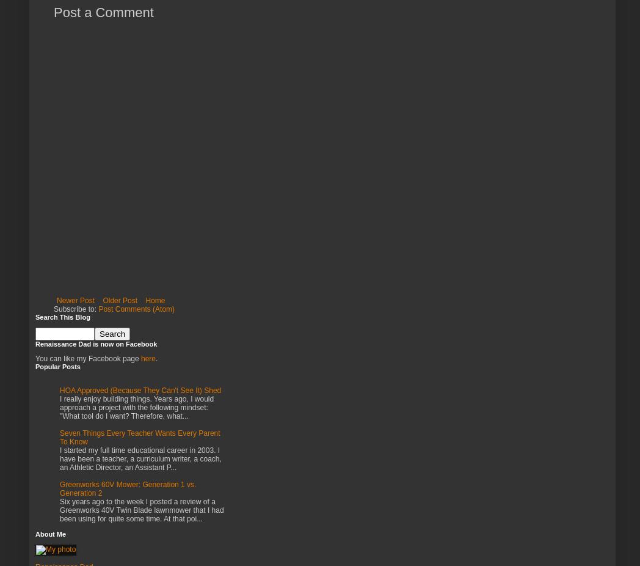  I want to click on 'Subscribe to:', so click(75, 308).